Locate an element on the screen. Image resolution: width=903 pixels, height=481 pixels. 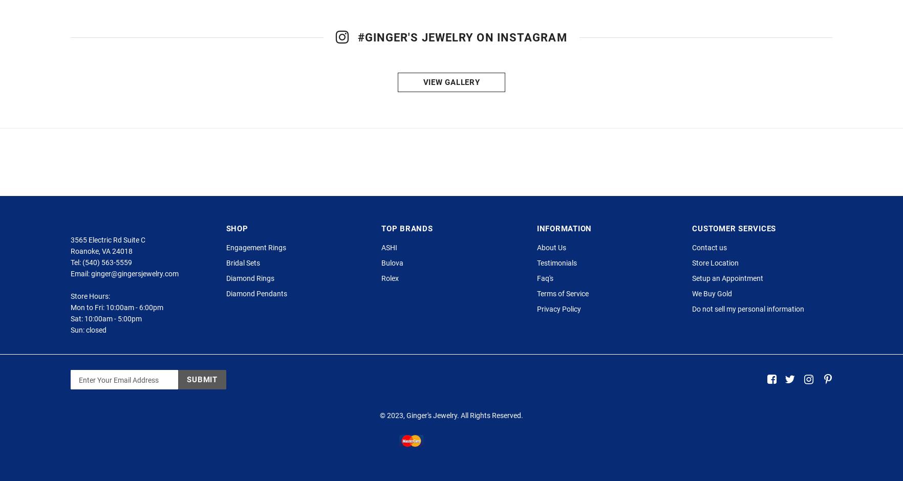
'Store Hours:' is located at coordinates (90, 340).